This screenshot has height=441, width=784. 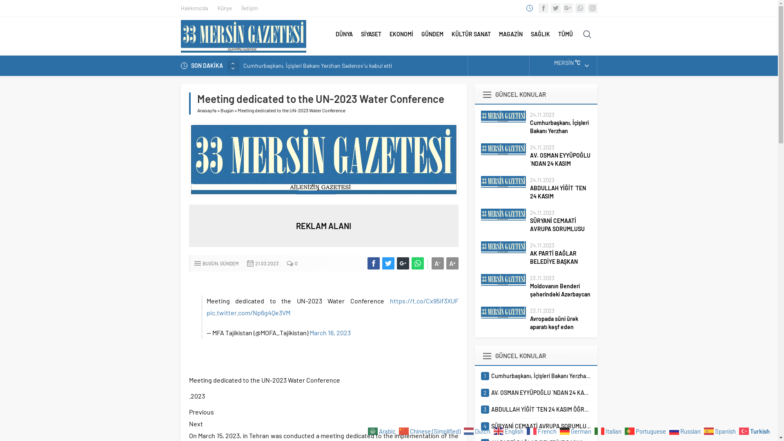 I want to click on 'Italian', so click(x=594, y=430).